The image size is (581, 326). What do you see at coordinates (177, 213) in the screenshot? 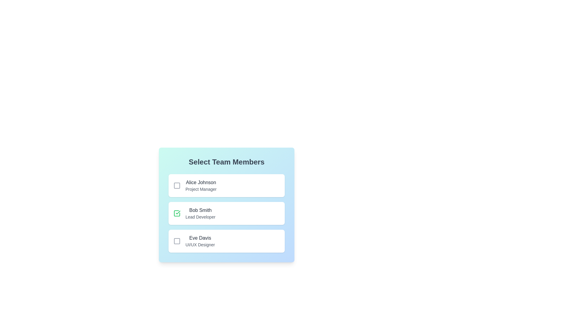
I see `visual indicator icon located in the second row of the selection system, associated with 'Bob Smith - Lead Developer'` at bounding box center [177, 213].